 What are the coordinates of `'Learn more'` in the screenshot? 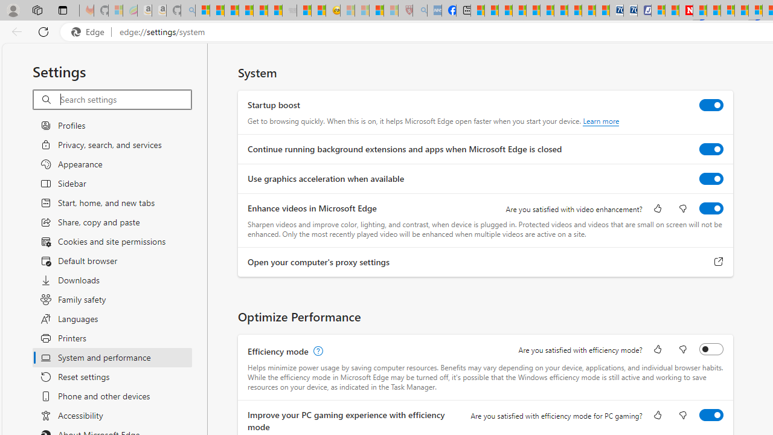 It's located at (601, 121).